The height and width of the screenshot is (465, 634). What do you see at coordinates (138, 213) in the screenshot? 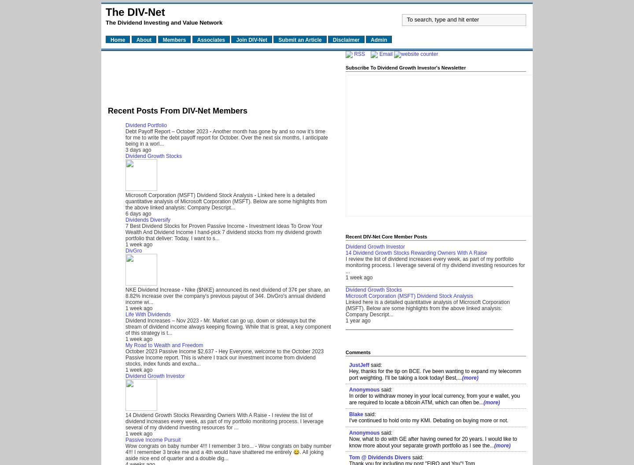
I see `'6 days ago'` at bounding box center [138, 213].